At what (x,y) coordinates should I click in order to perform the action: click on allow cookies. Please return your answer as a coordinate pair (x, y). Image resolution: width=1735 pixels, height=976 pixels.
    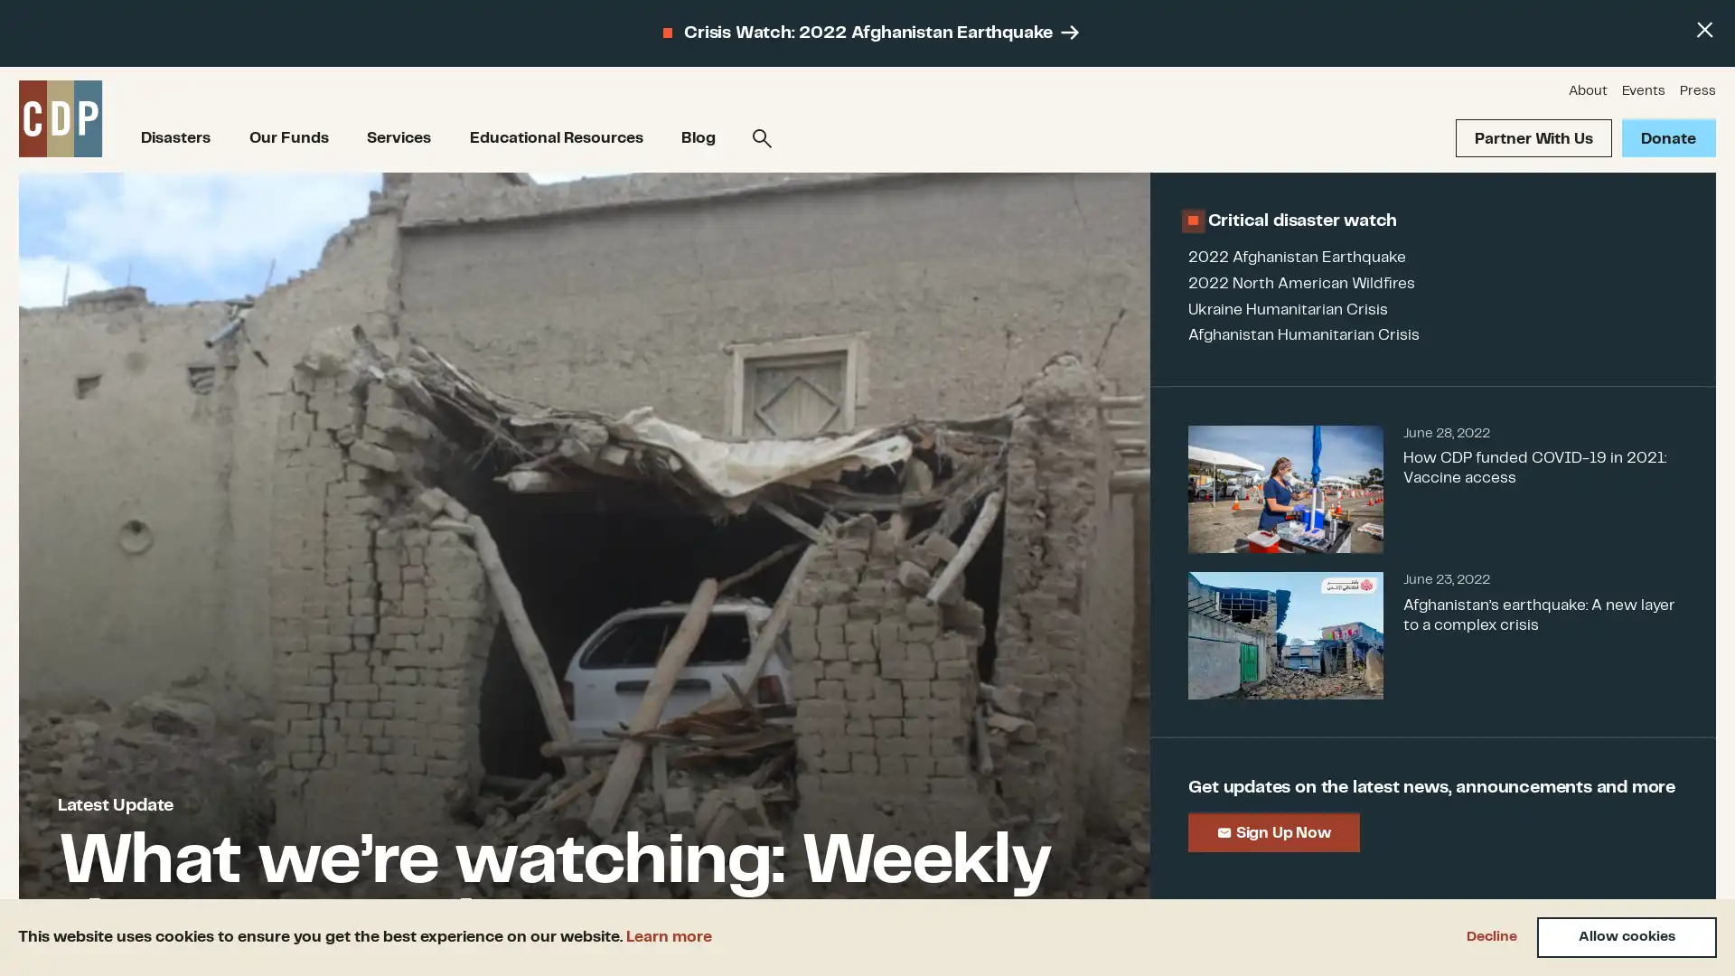
    Looking at the image, I should click on (1627, 936).